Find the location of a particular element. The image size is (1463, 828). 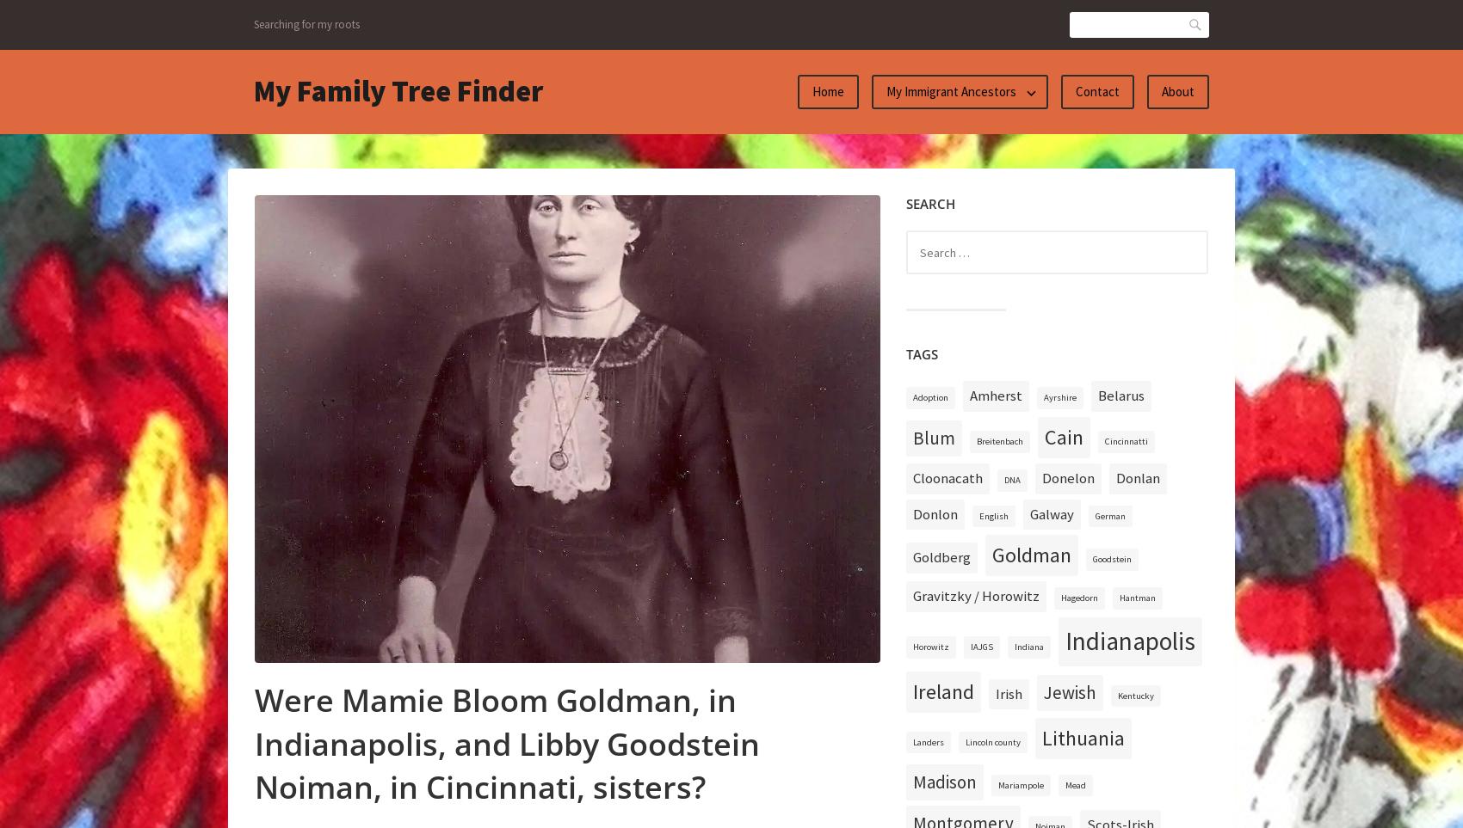

'My Family Tree Finder' is located at coordinates (253, 90).